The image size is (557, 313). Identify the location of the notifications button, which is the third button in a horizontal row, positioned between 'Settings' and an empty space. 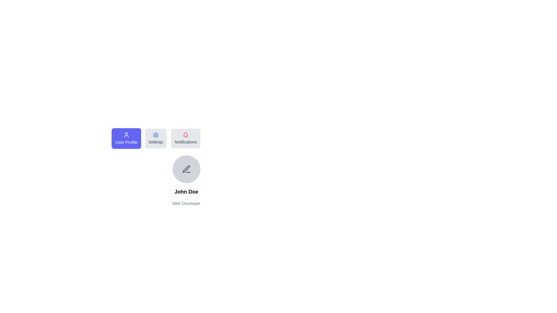
(186, 139).